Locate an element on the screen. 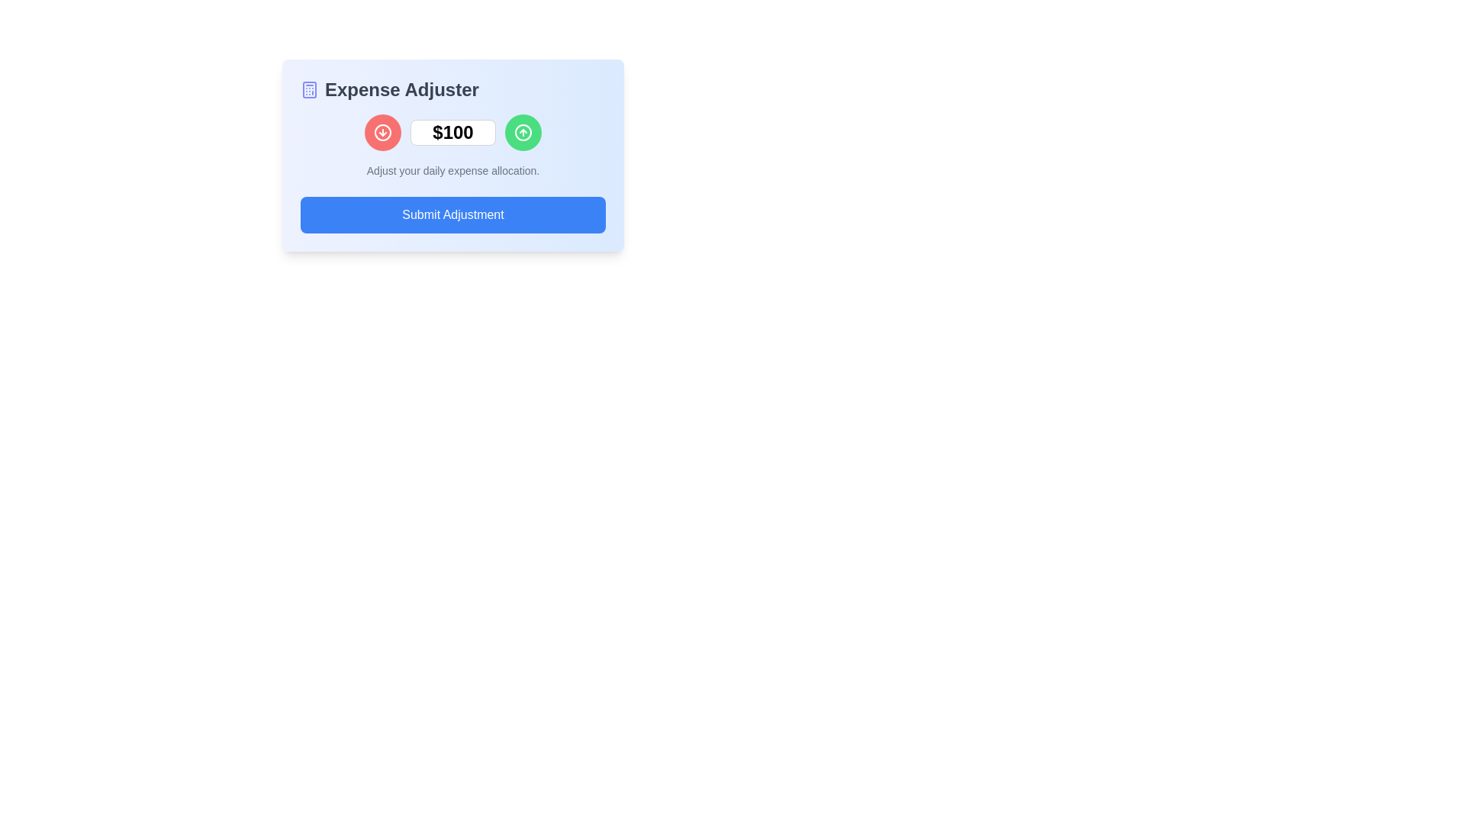 The width and height of the screenshot is (1465, 824). the circular button with a green border and an upward-pointing arrow is located at coordinates (523, 131).